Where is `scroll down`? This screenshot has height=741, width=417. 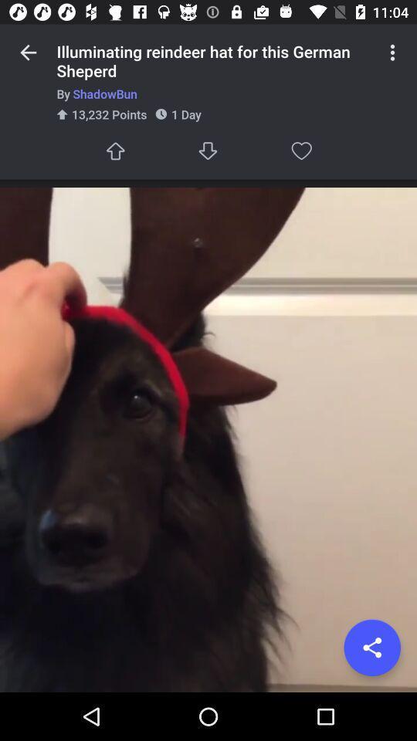
scroll down is located at coordinates (208, 151).